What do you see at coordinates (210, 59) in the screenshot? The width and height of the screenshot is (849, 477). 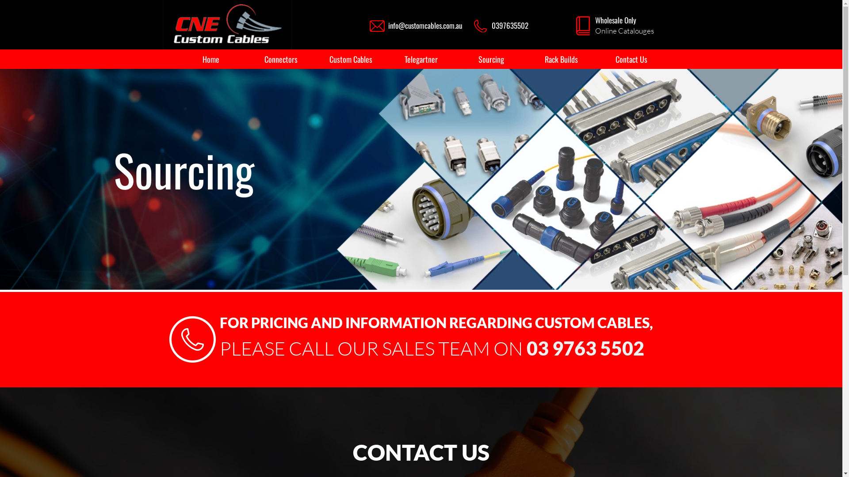 I see `'Home'` at bounding box center [210, 59].